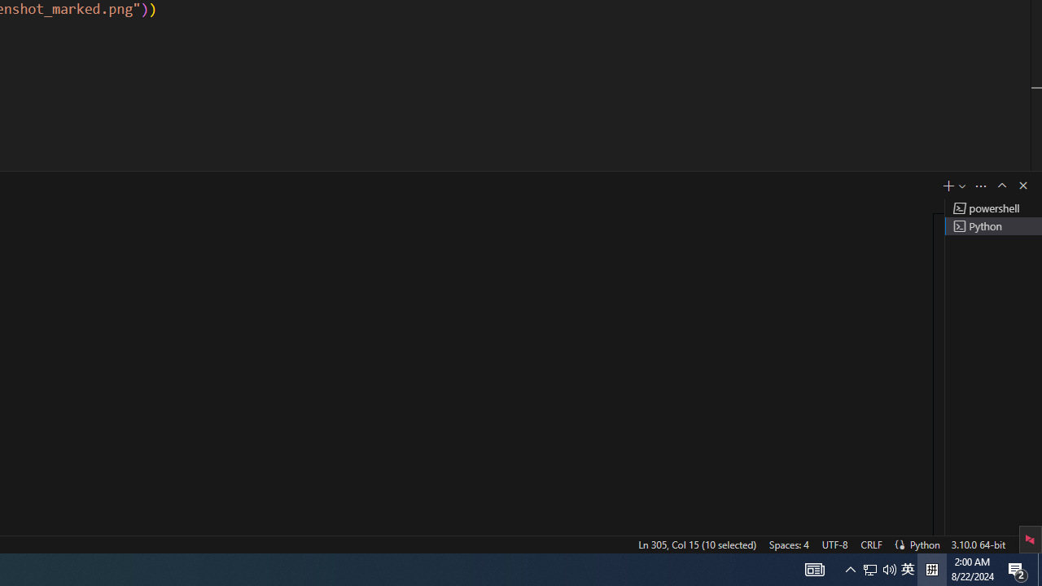  What do you see at coordinates (1022, 184) in the screenshot?
I see `'Hide Panel'` at bounding box center [1022, 184].